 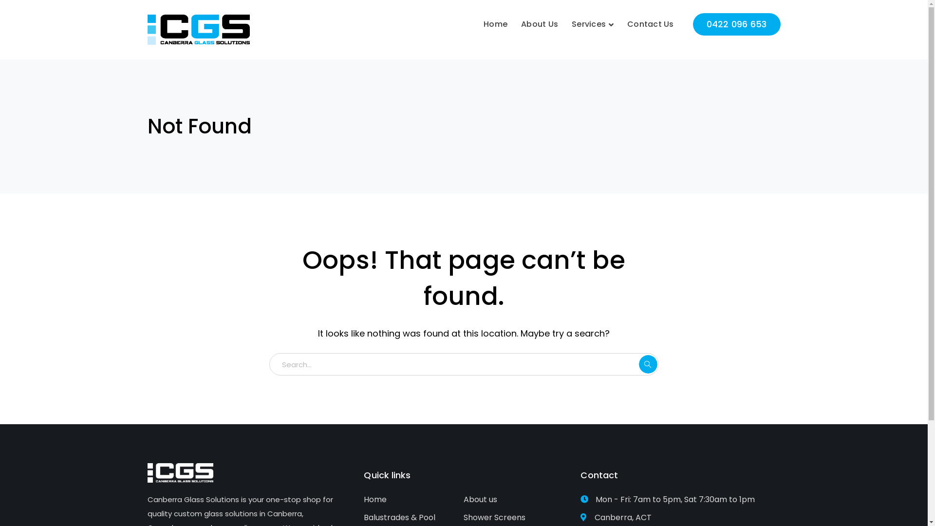 I want to click on 'Home', so click(x=495, y=17).